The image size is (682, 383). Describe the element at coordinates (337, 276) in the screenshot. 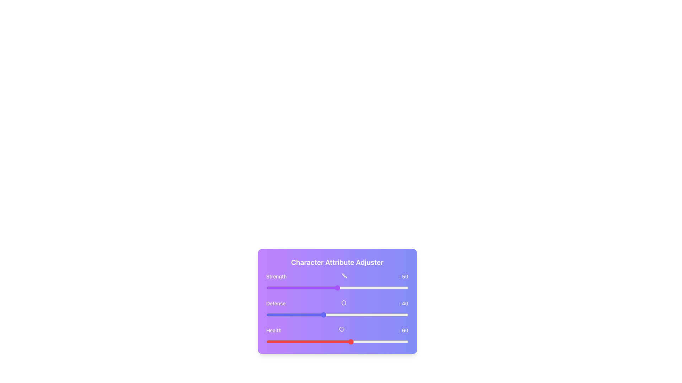

I see `the 'Strength : 50' text element with a sword icon, which is located at the top of the 'Character Attribute Adjuster' card, above the 'Defense' slider` at that location.